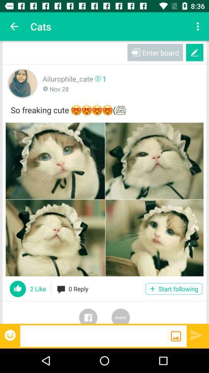  What do you see at coordinates (10, 335) in the screenshot?
I see `the emoji icon` at bounding box center [10, 335].